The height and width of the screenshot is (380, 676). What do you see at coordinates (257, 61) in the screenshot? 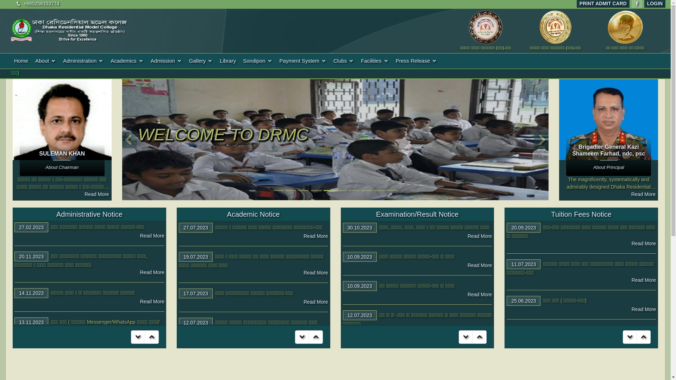
I see `'Sondipon'` at bounding box center [257, 61].